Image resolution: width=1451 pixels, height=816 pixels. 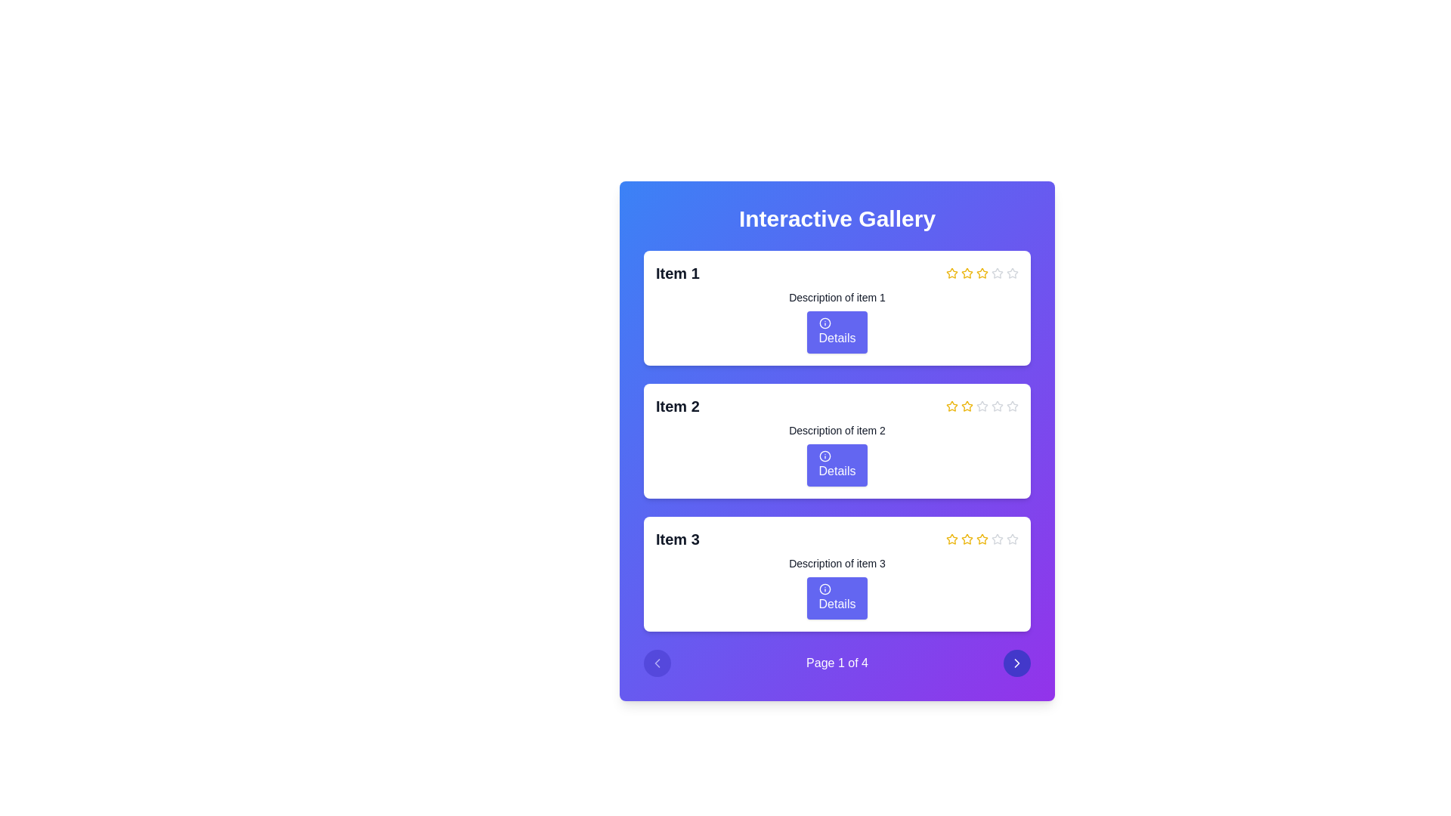 I want to click on the star icon in the rating section for 'Item 2', which is the third star in a row of five stars, so click(x=998, y=405).